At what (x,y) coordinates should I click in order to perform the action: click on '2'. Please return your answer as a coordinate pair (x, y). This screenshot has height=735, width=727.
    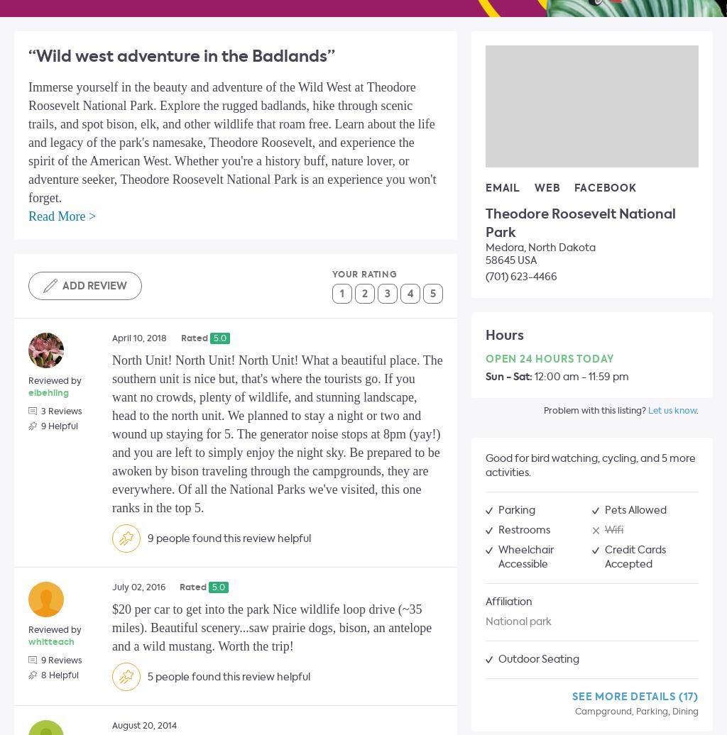
    Looking at the image, I should click on (365, 293).